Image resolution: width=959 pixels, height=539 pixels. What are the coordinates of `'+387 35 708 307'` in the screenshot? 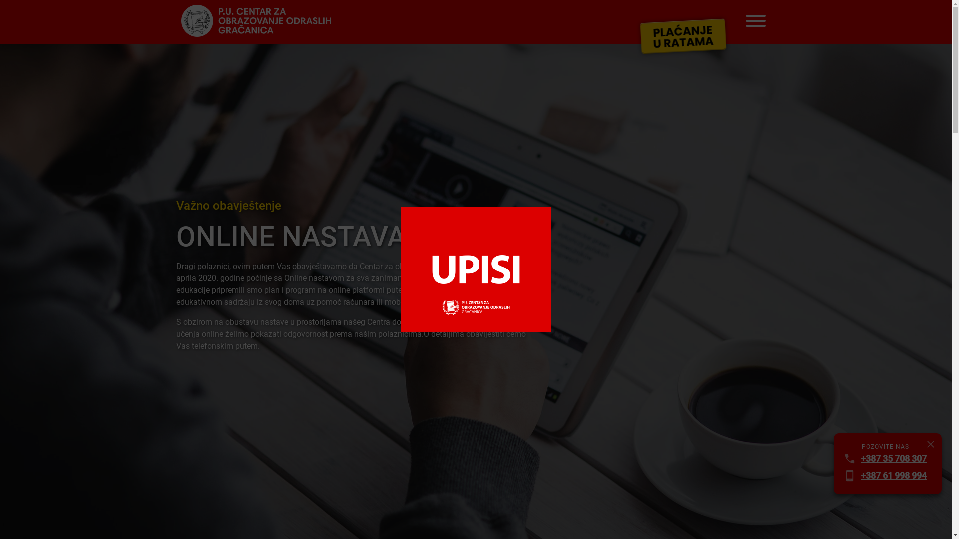 It's located at (894, 458).